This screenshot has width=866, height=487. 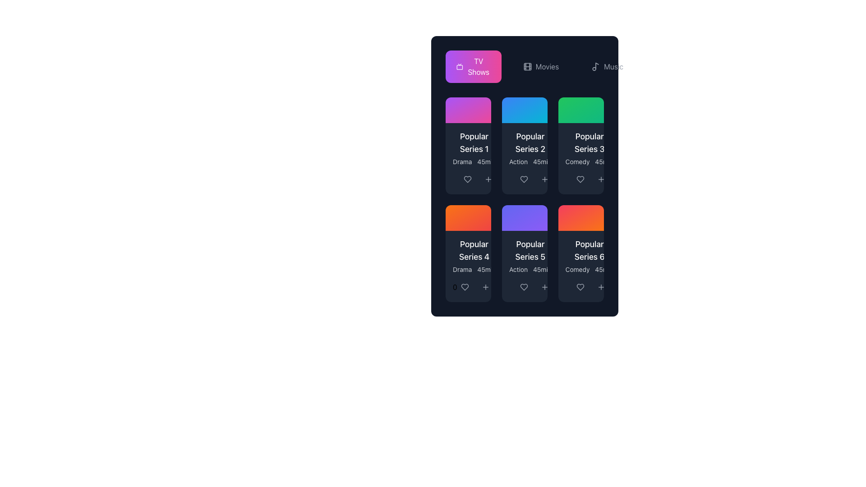 What do you see at coordinates (540, 66) in the screenshot?
I see `the Navigation Panel` at bounding box center [540, 66].